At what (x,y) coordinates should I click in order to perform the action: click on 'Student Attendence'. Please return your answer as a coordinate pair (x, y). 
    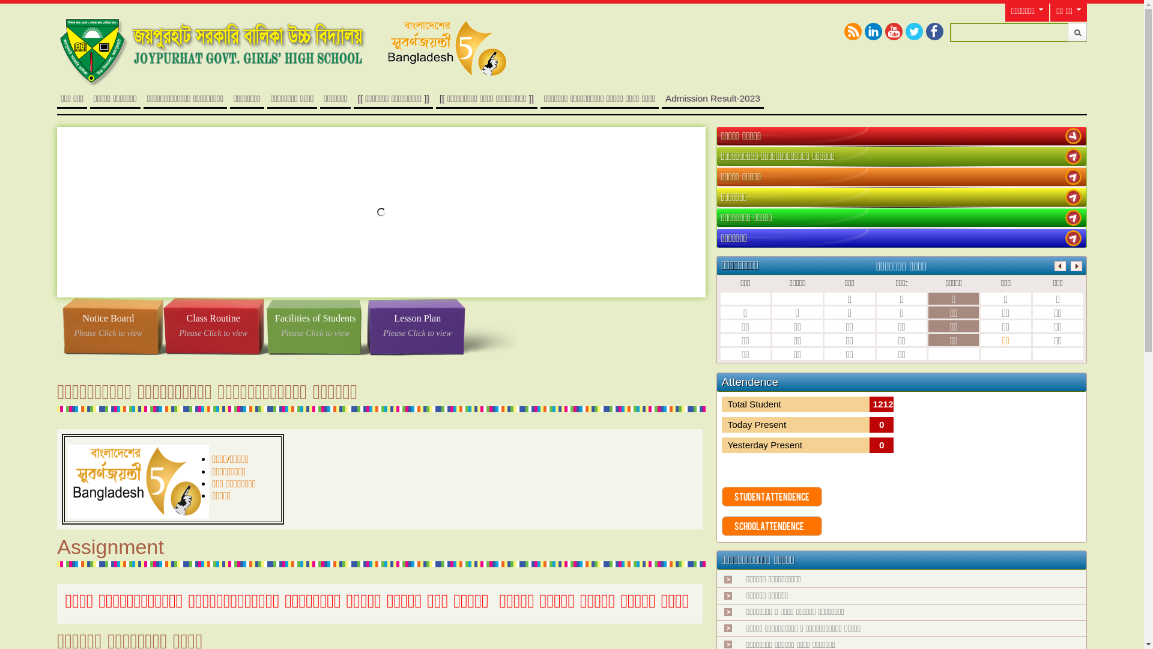
    Looking at the image, I should click on (772, 496).